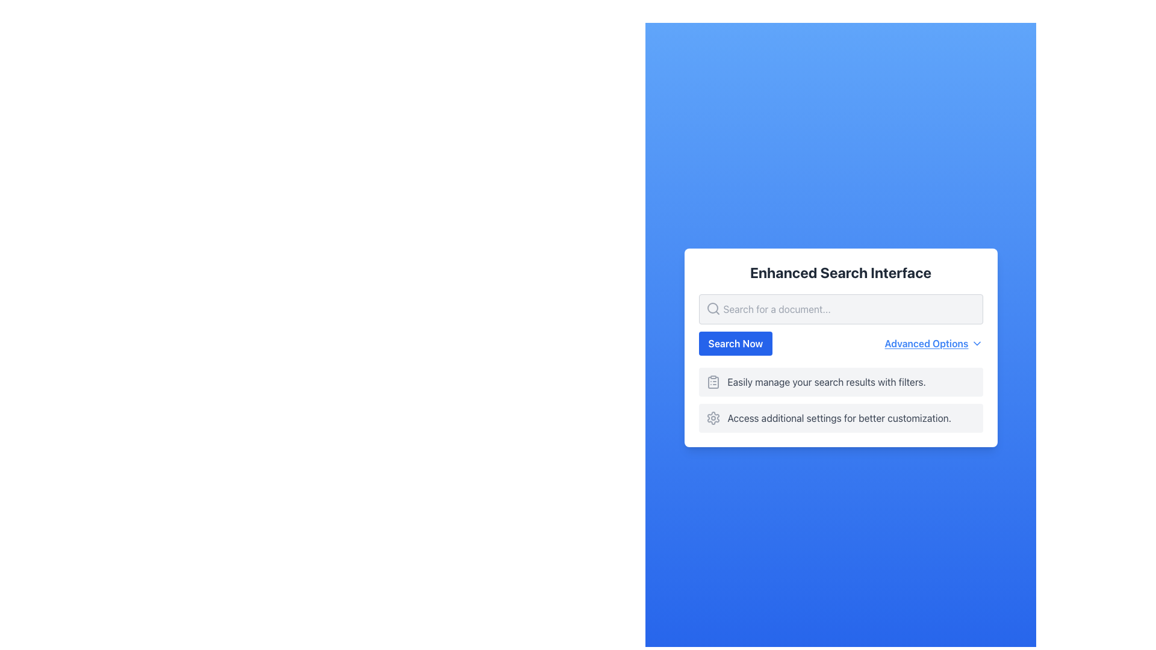 This screenshot has width=1156, height=650. What do you see at coordinates (840, 417) in the screenshot?
I see `the descriptive text element that reads 'Access additional settings for better customization.' which is accompanied by a gear icon, located in the vertical list below the item 'Easily manage your search results with filters.'` at bounding box center [840, 417].